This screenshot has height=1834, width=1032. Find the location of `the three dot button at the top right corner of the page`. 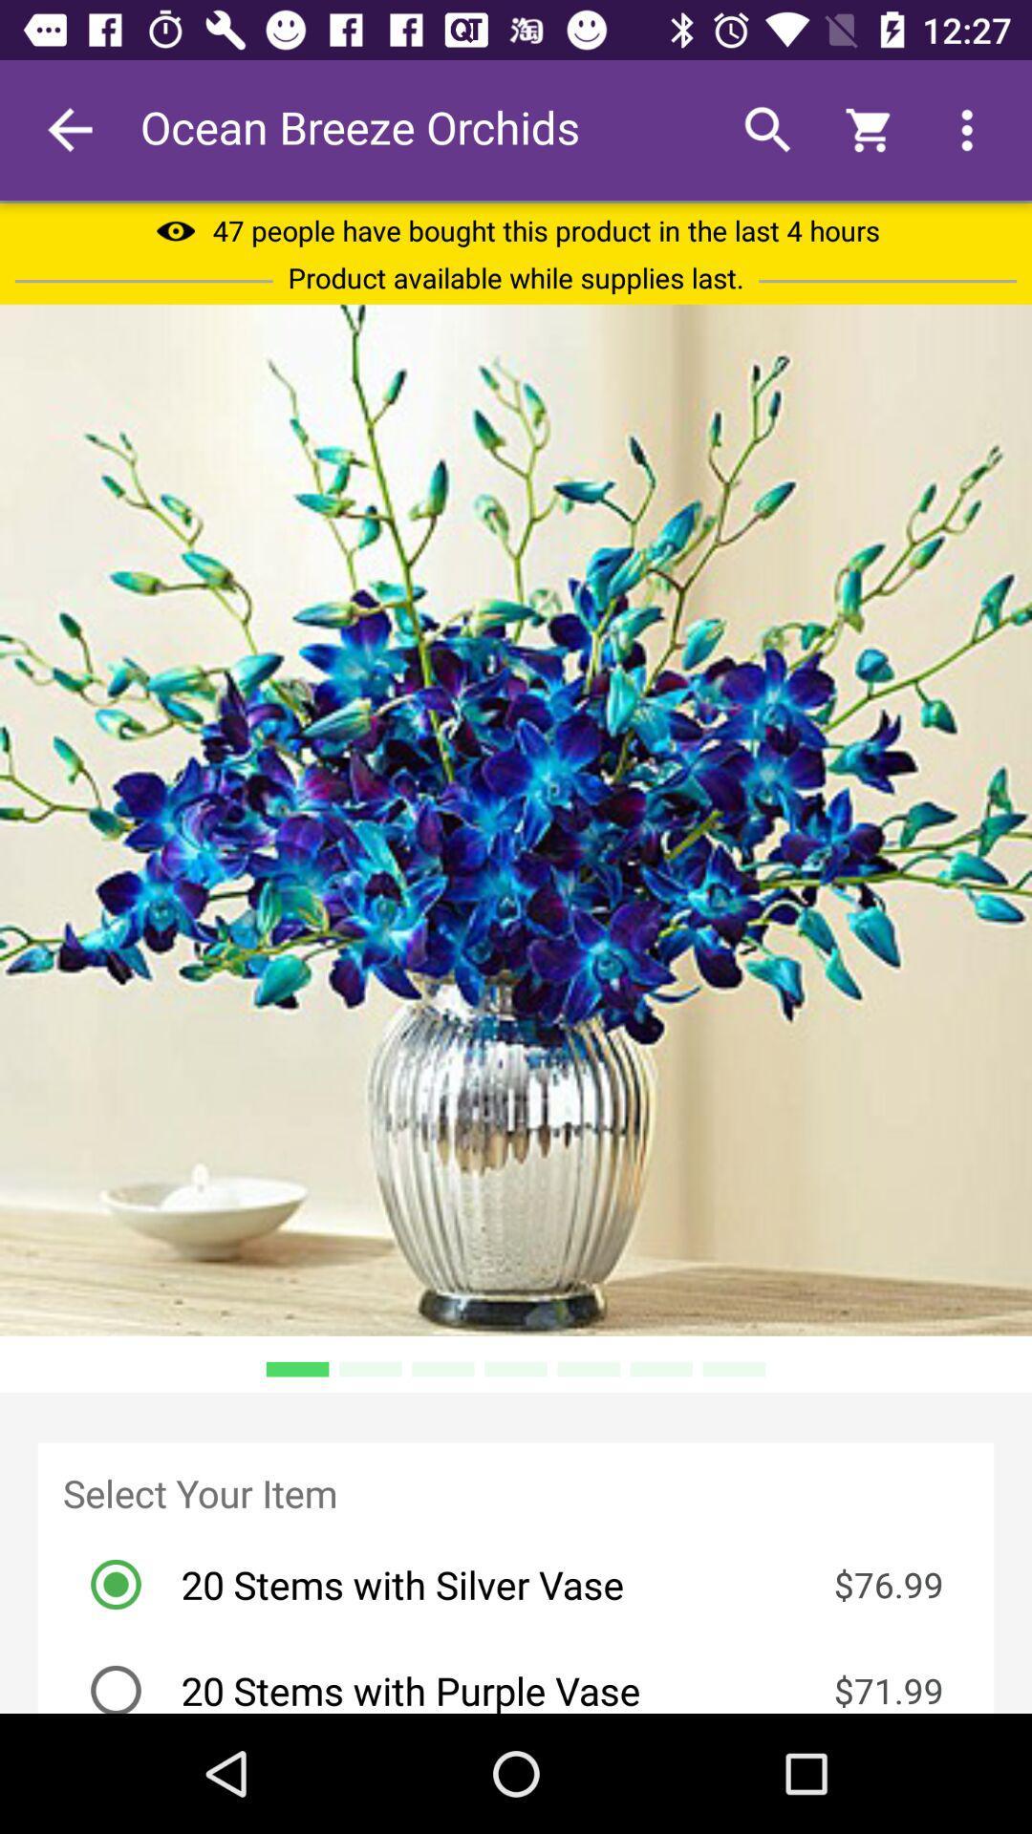

the three dot button at the top right corner of the page is located at coordinates (967, 130).